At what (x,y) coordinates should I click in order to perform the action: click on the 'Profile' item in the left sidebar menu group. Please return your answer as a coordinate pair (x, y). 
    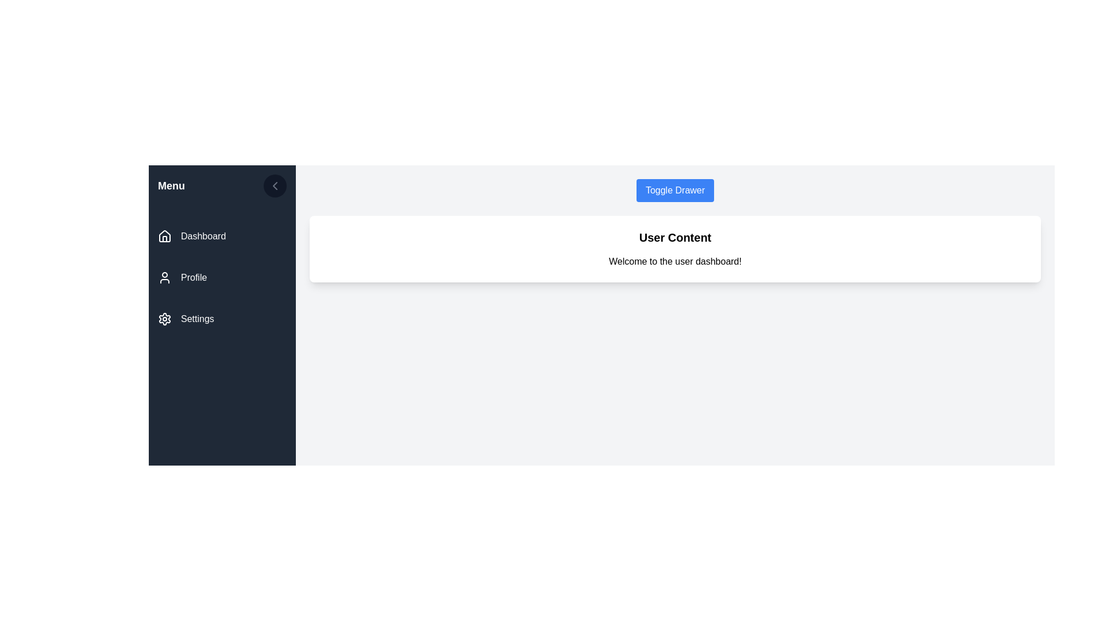
    Looking at the image, I should click on (222, 277).